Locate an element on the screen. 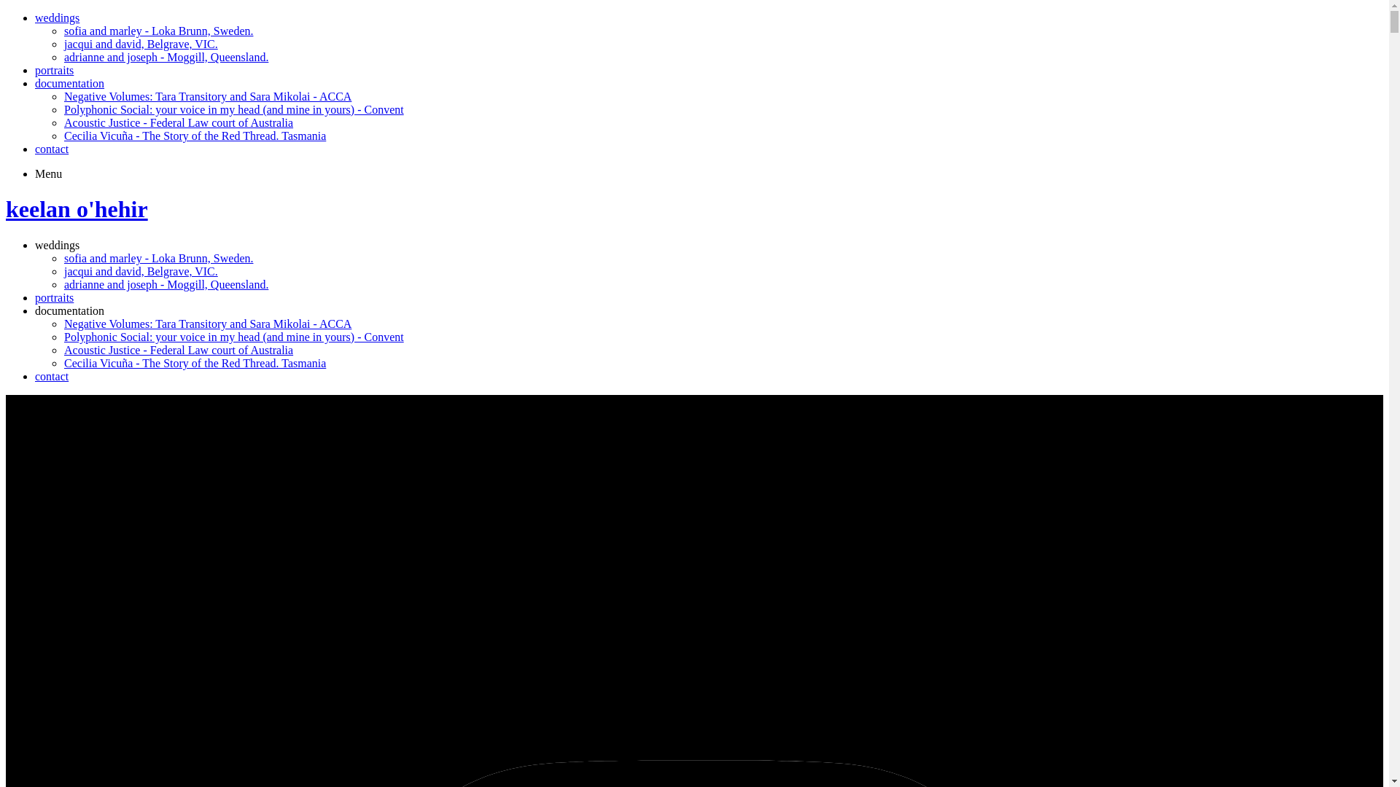  'documentation' is located at coordinates (69, 83).